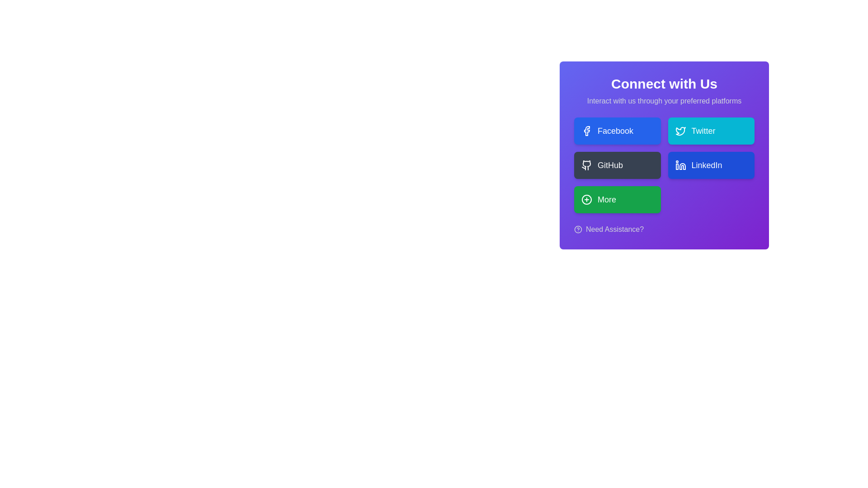  I want to click on the blue bird-shaped Twitter icon located within the 'Twitter' button in the 'Connect with Us' section, so click(680, 131).